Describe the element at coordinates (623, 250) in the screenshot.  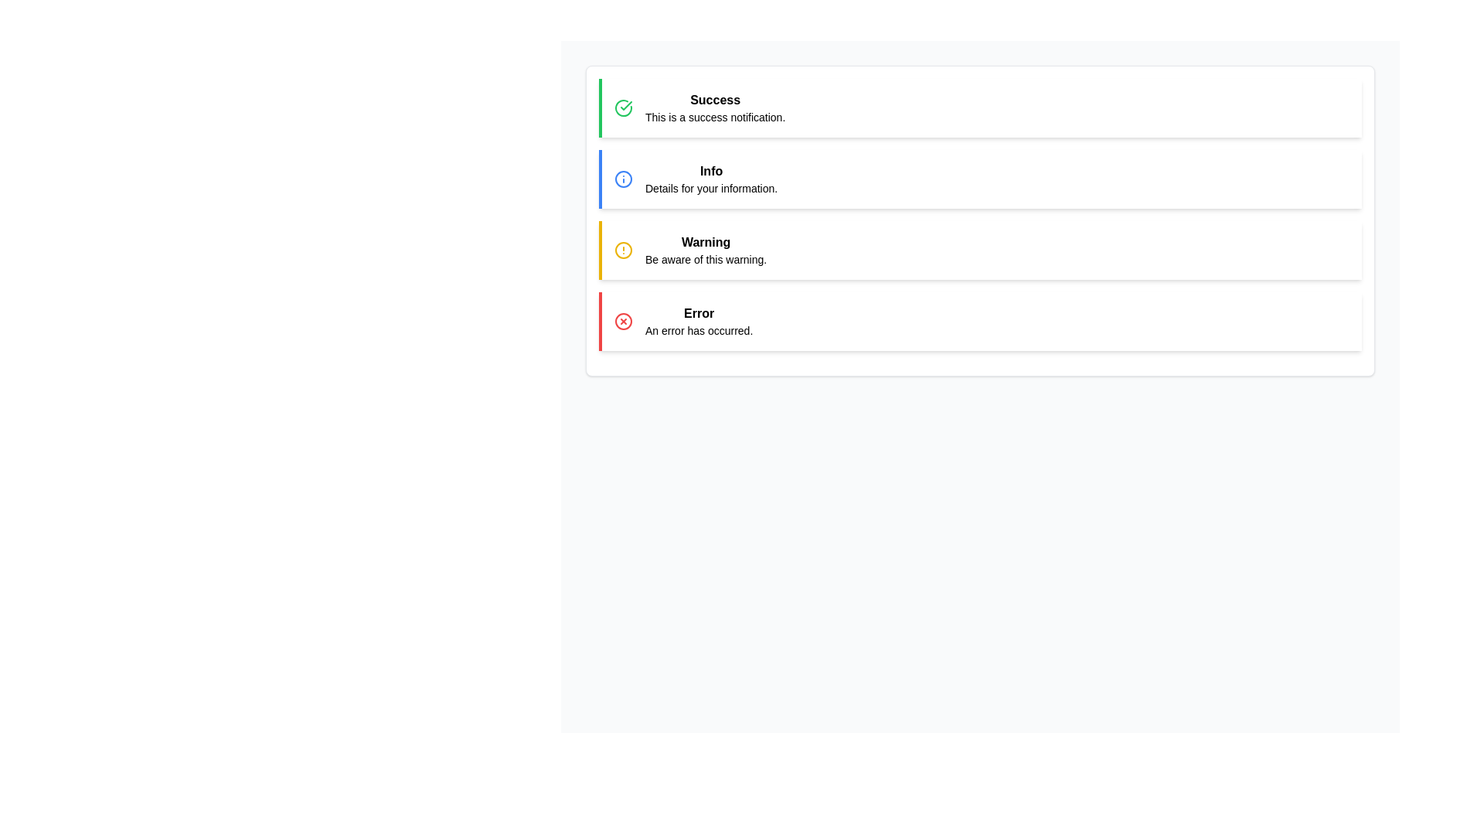
I see `the warning icon located within the 'Warning' notification box, positioned on the left side adjacent to the text content` at that location.